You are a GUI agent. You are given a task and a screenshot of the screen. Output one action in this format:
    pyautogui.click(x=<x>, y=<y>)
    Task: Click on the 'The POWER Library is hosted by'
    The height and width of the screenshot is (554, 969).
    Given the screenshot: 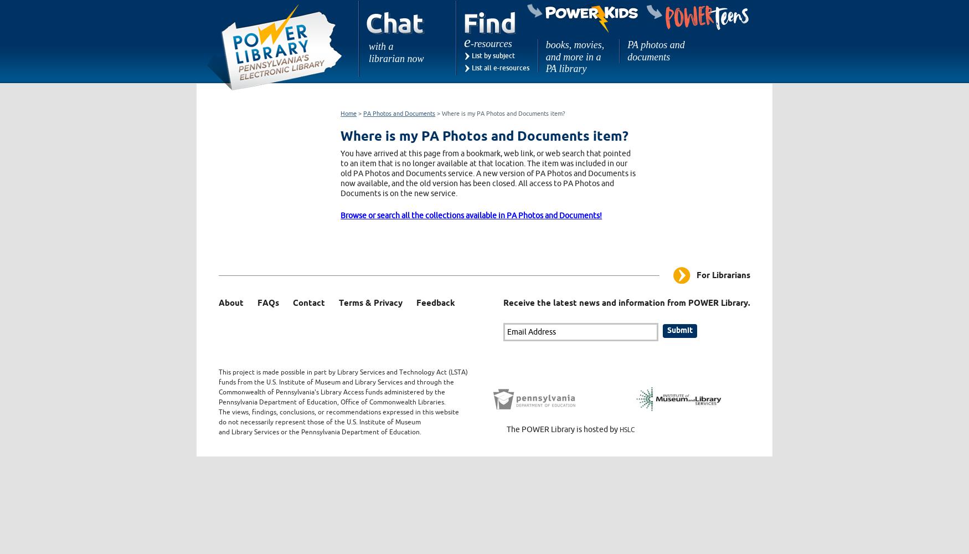 What is the action you would take?
    pyautogui.click(x=562, y=429)
    